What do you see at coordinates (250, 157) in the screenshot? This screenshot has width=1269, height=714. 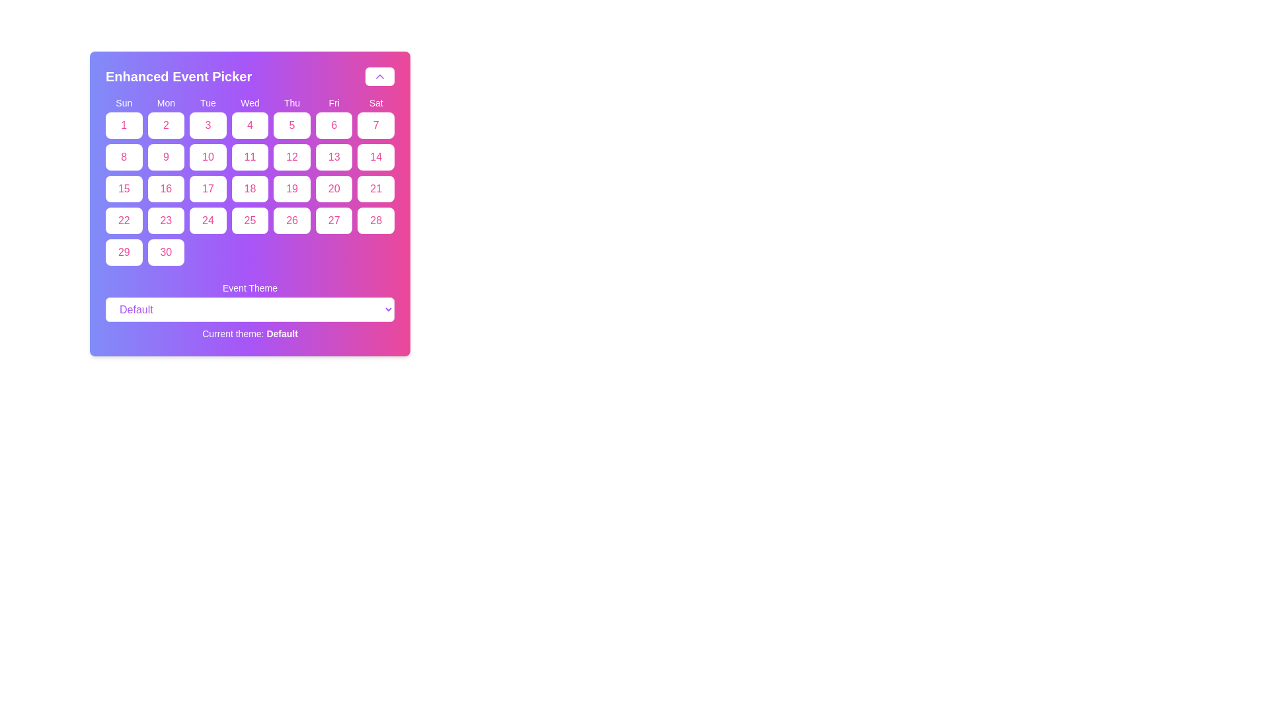 I see `the rectangular button with rounded corners, which has a white background and bold pink text displaying '11'` at bounding box center [250, 157].